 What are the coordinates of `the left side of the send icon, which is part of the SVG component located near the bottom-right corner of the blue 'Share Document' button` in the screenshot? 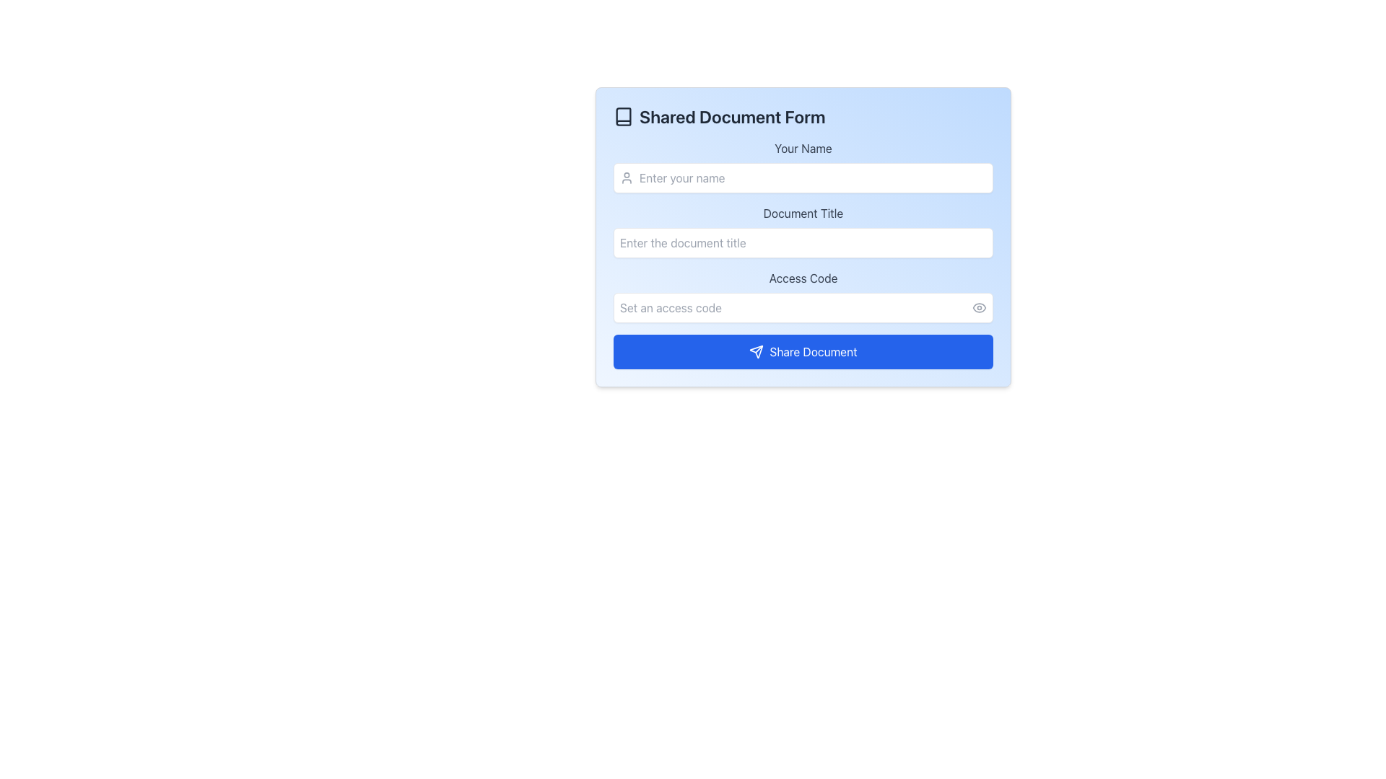 It's located at (756, 352).